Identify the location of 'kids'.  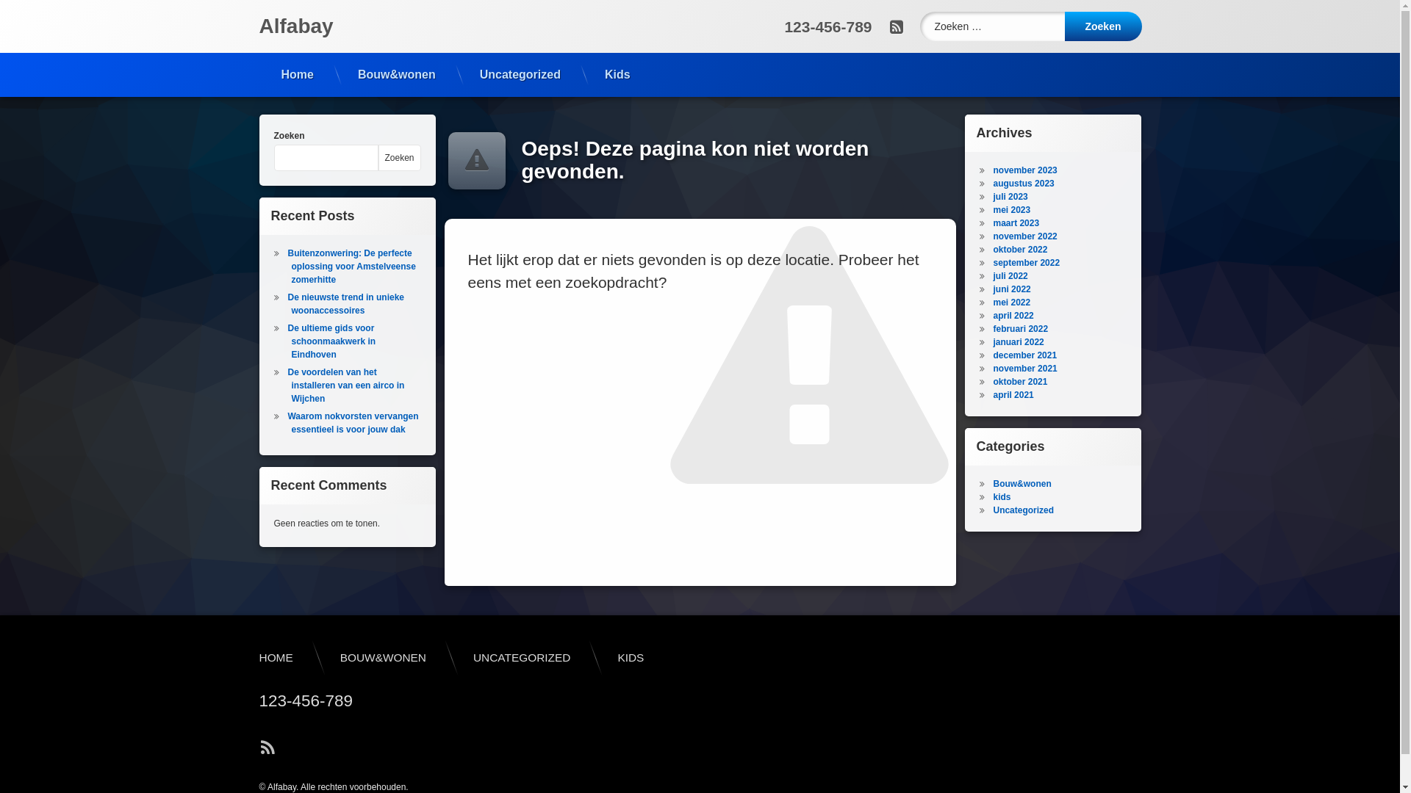
(1001, 496).